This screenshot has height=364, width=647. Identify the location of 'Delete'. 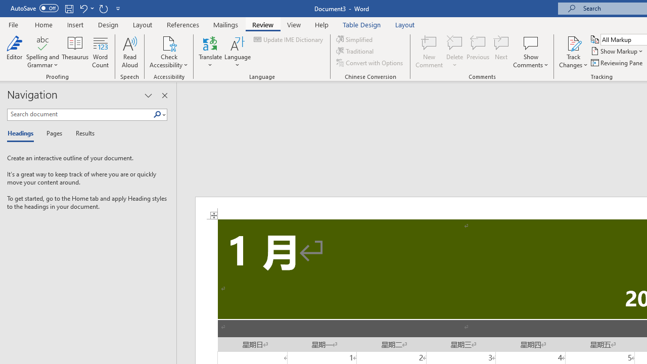
(454, 52).